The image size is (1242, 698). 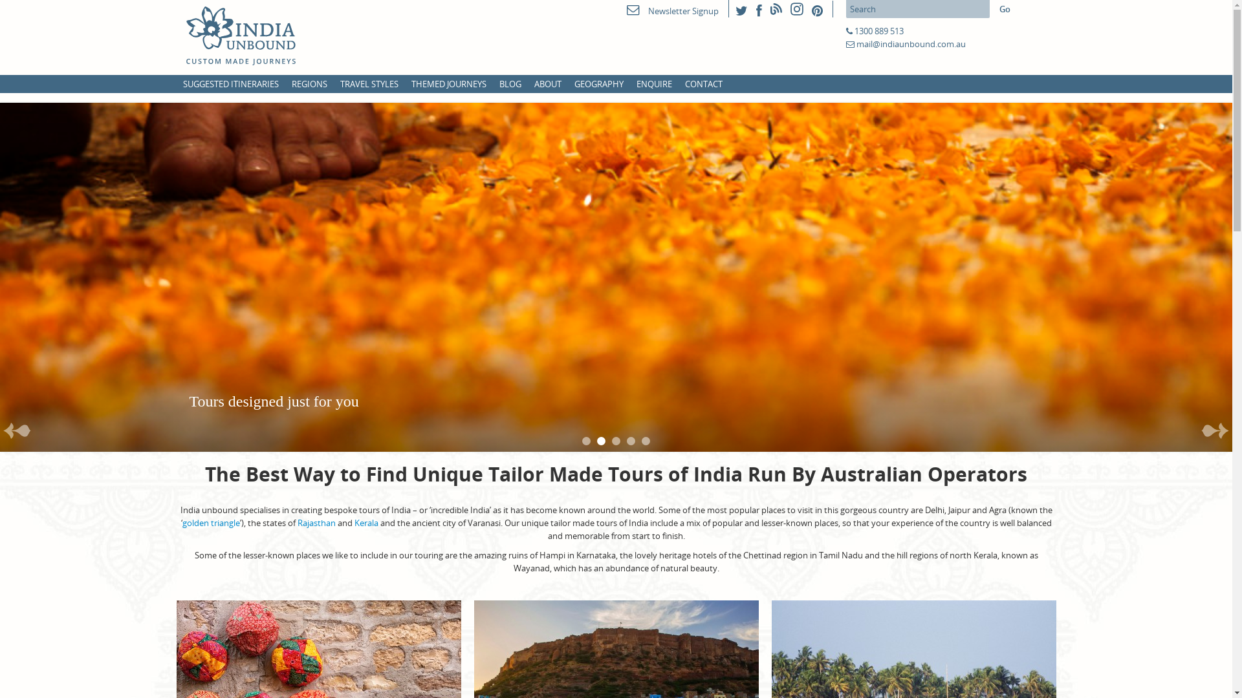 What do you see at coordinates (449, 84) in the screenshot?
I see `'THEMED JOURNEYS'` at bounding box center [449, 84].